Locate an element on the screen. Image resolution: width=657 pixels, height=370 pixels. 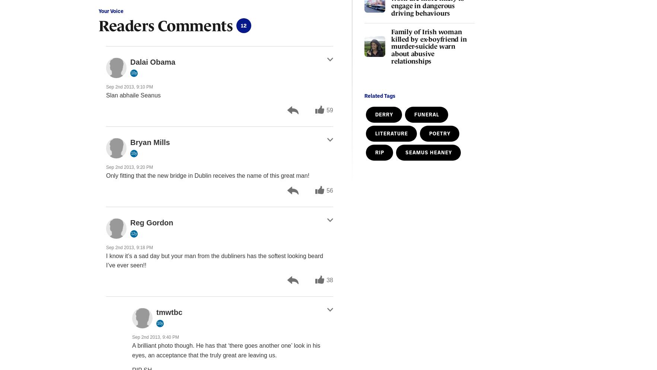
'59' is located at coordinates (330, 109).